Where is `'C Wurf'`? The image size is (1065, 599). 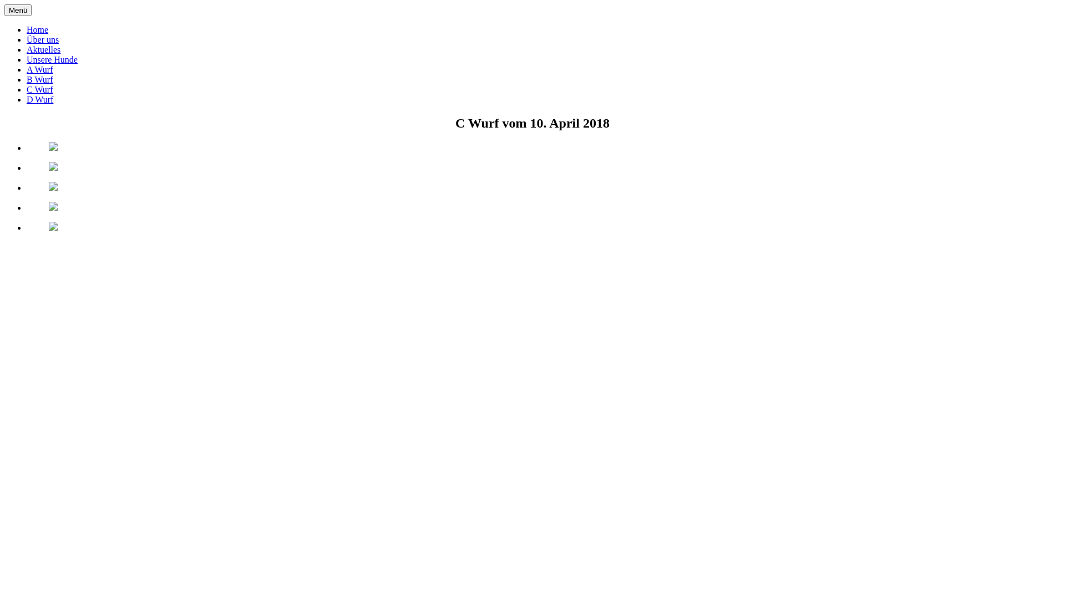
'C Wurf' is located at coordinates (40, 89).